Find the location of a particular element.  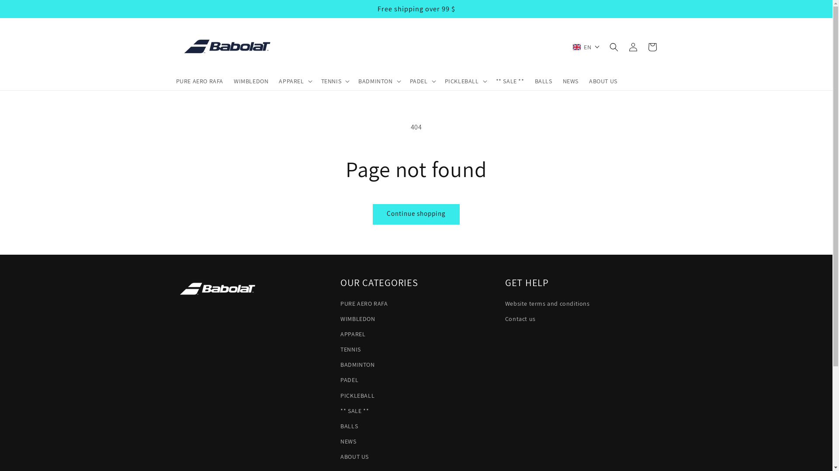

'WIMBLEDON' is located at coordinates (357, 319).